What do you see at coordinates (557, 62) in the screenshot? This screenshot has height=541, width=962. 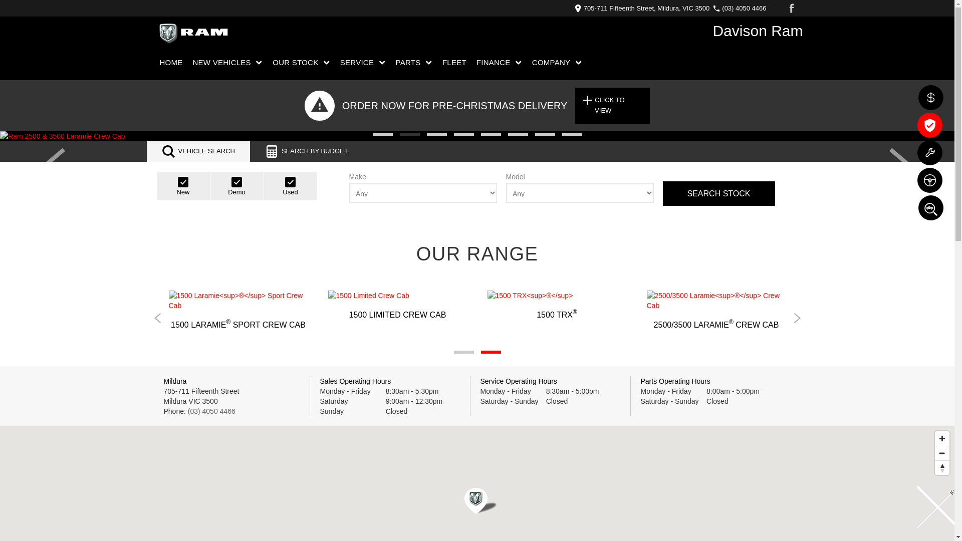 I see `'COMPANY'` at bounding box center [557, 62].